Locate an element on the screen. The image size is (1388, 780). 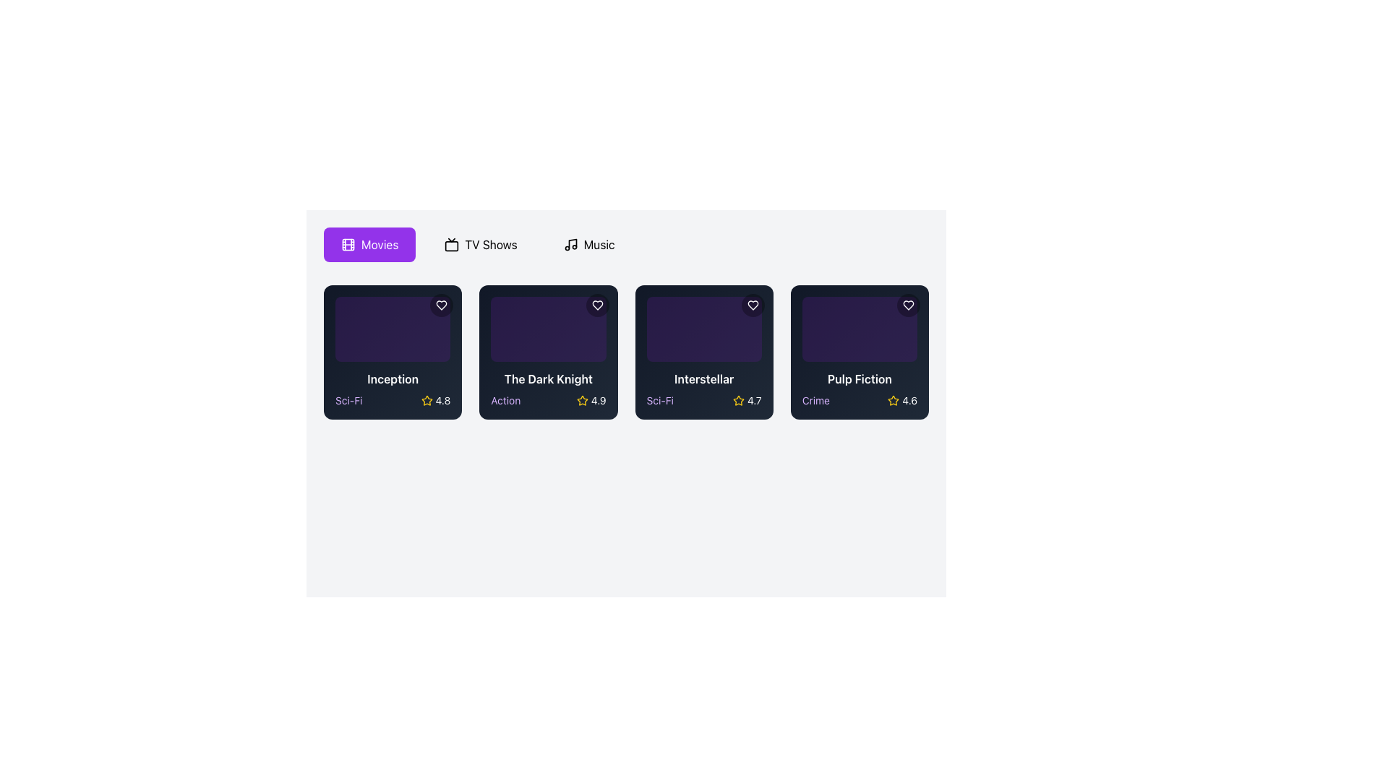
the non-interactive text label indicating the title of the movie on the rightmost card in the horizontal layout of movie cards is located at coordinates (860, 378).